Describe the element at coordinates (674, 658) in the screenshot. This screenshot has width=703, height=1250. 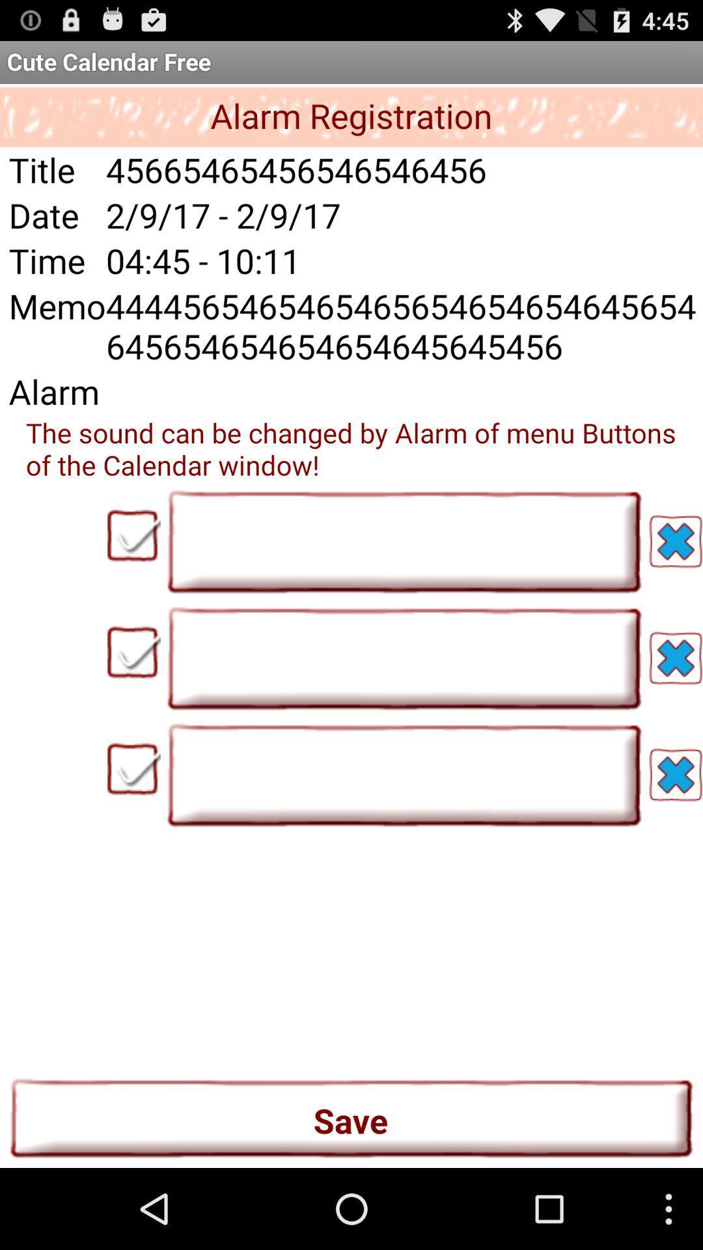
I see `the button which is right to the second text field box` at that location.